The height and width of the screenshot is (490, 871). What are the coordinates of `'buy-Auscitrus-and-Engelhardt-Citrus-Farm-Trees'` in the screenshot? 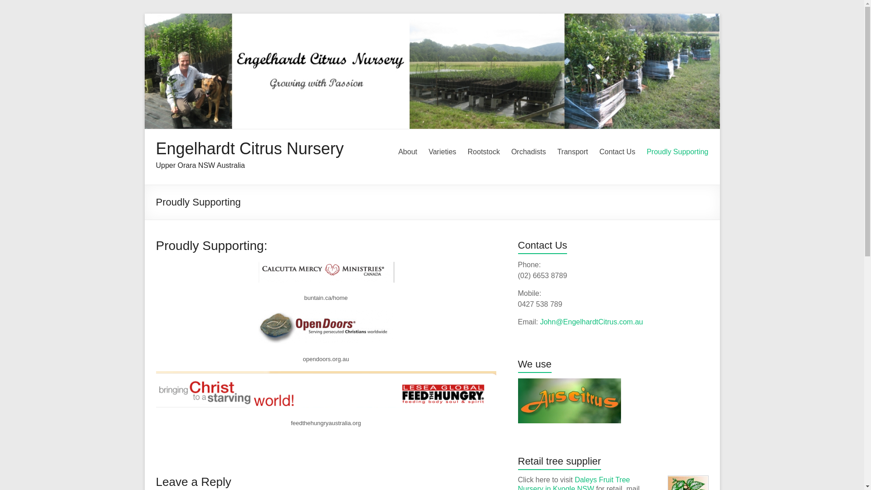 It's located at (518, 400).